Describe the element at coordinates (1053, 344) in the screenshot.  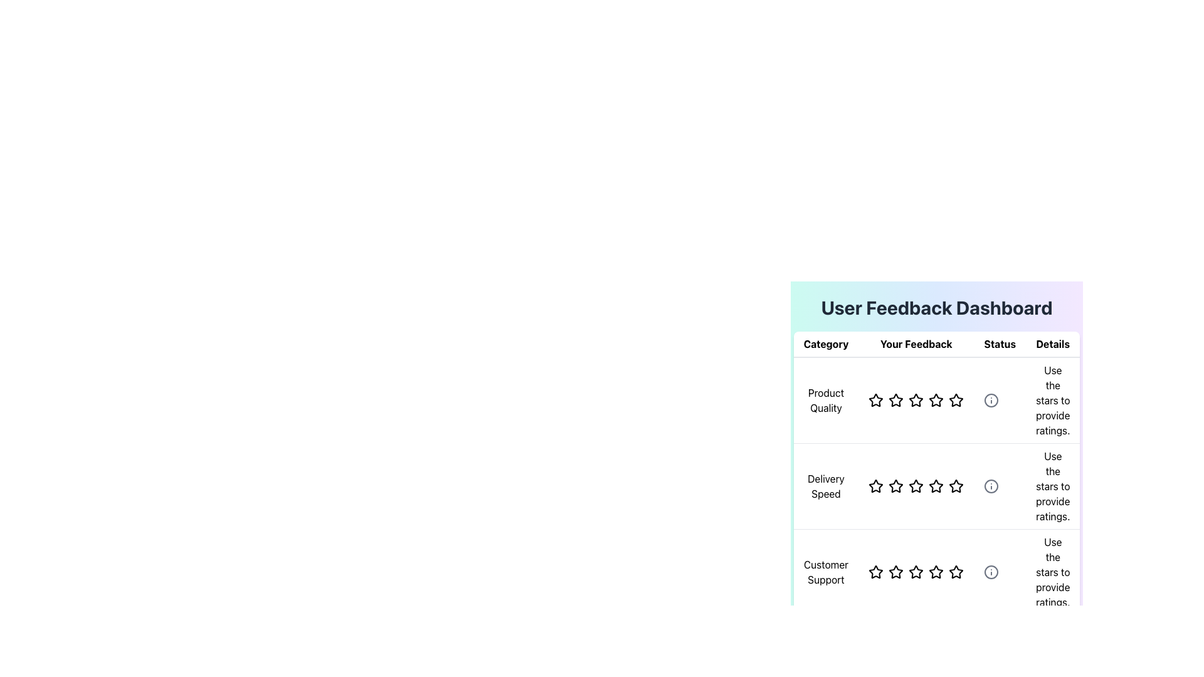
I see `text from the Table Header indicating 'Details', which is the fourth header in the table layout` at that location.